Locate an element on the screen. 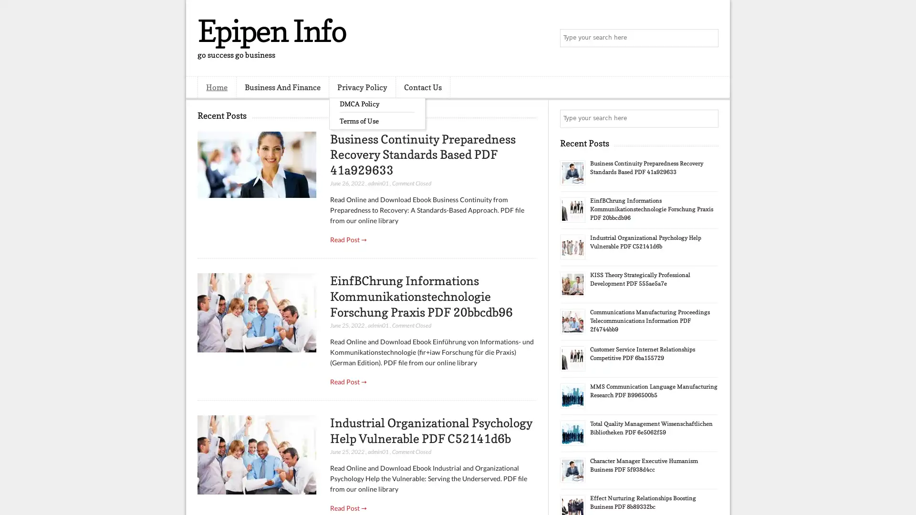 The height and width of the screenshot is (515, 916). Search is located at coordinates (708, 118).